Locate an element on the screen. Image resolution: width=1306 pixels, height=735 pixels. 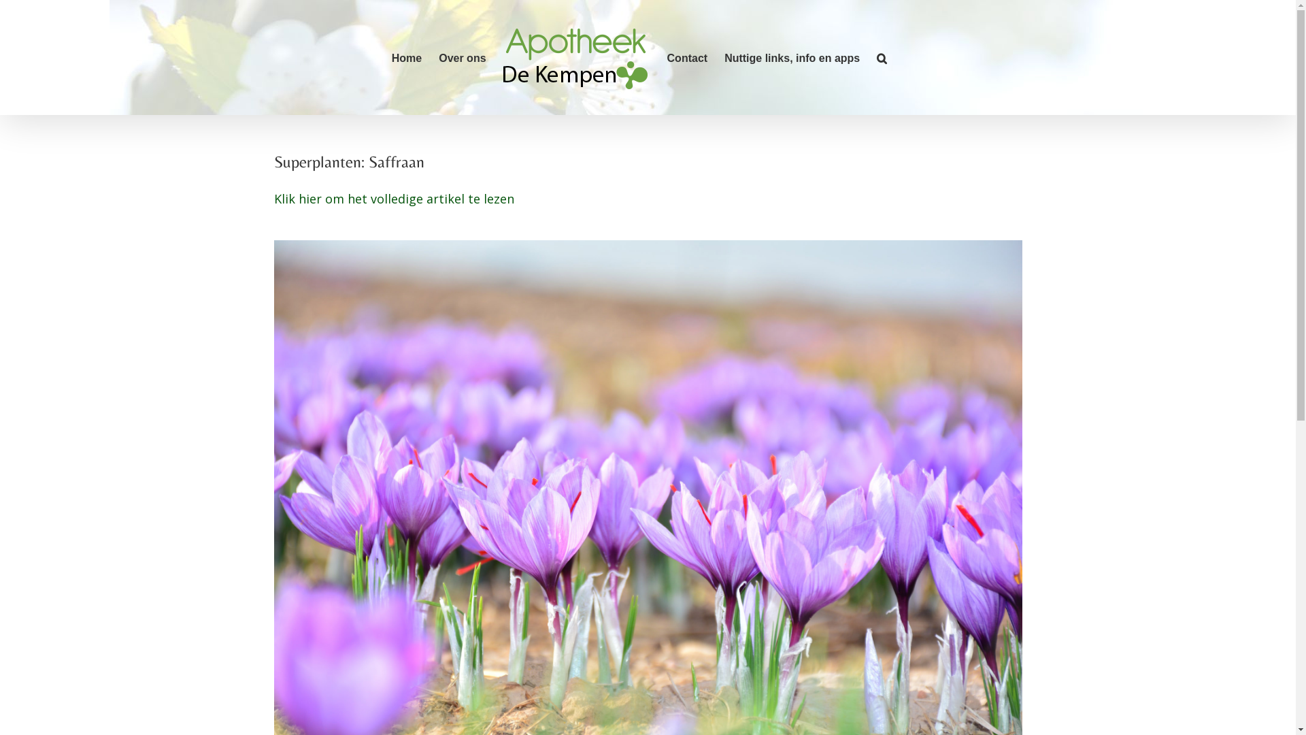
'Contact' is located at coordinates (688, 56).